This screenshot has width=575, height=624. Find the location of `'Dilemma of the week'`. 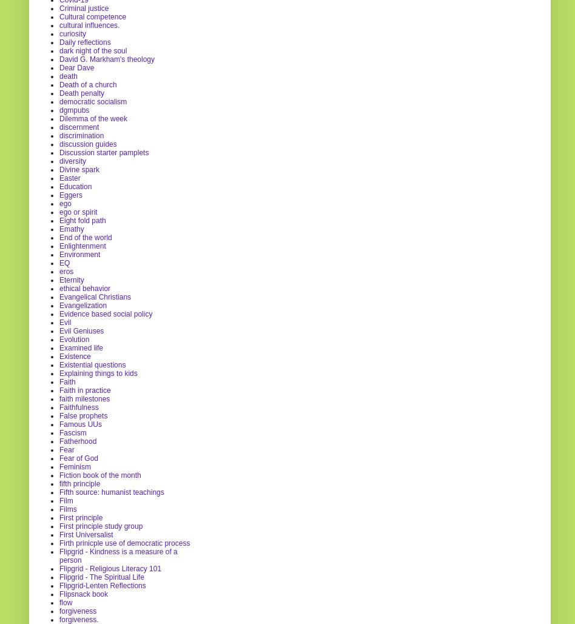

'Dilemma of the week' is located at coordinates (92, 118).